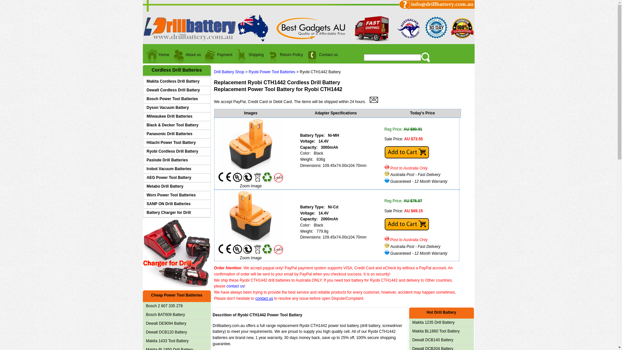 The image size is (622, 350). Describe the element at coordinates (177, 134) in the screenshot. I see `'Panasonic Drill Batteries'` at that location.